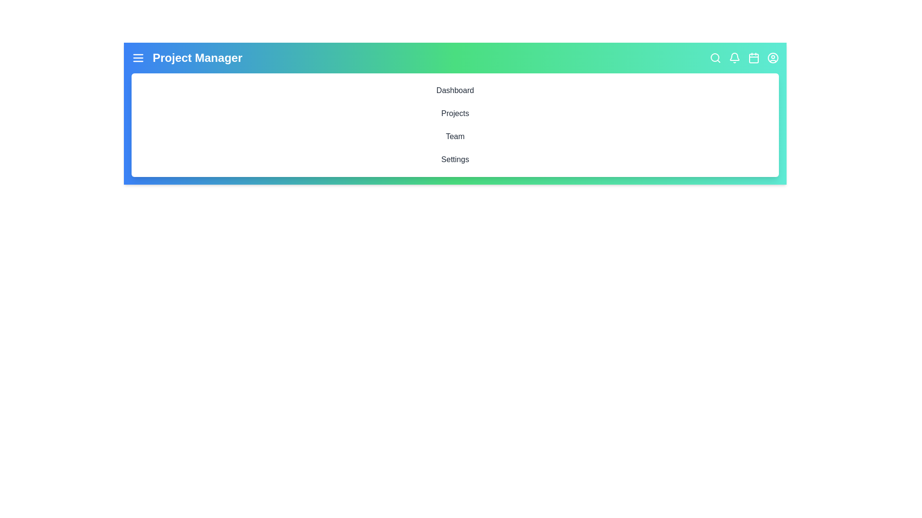 This screenshot has width=922, height=518. Describe the element at coordinates (773, 58) in the screenshot. I see `the User Profile icon in the top bar` at that location.